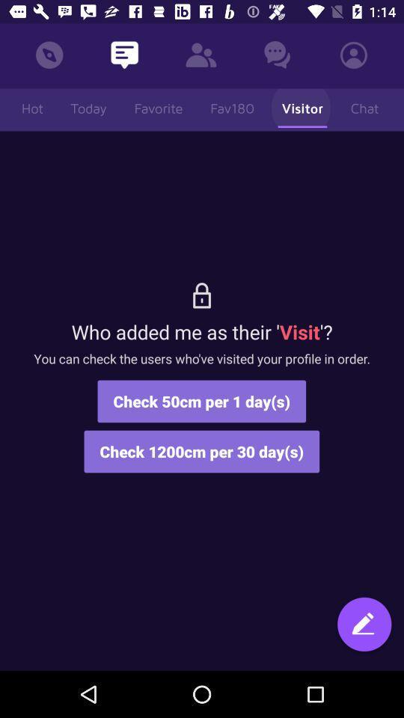  I want to click on icon at the bottom right corner, so click(364, 630).